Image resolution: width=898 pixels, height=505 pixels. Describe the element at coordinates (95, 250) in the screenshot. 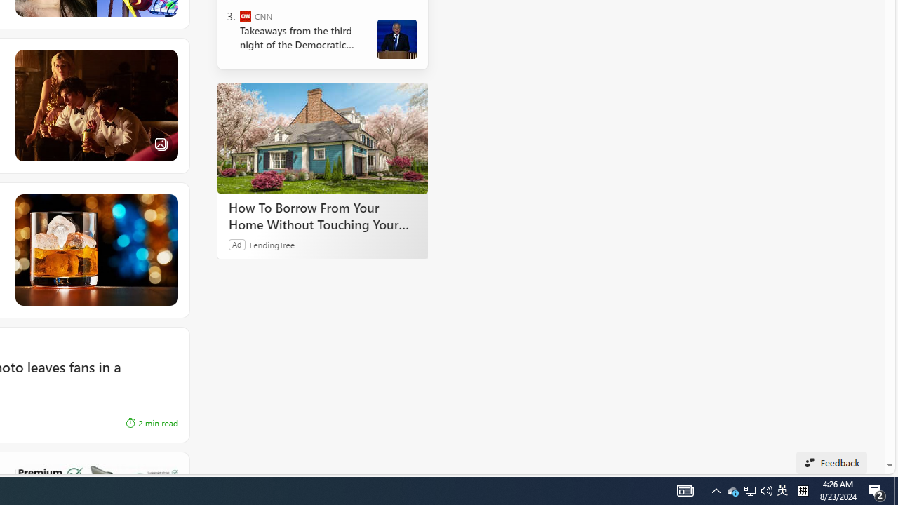

I see `'glass of whiskey'` at that location.